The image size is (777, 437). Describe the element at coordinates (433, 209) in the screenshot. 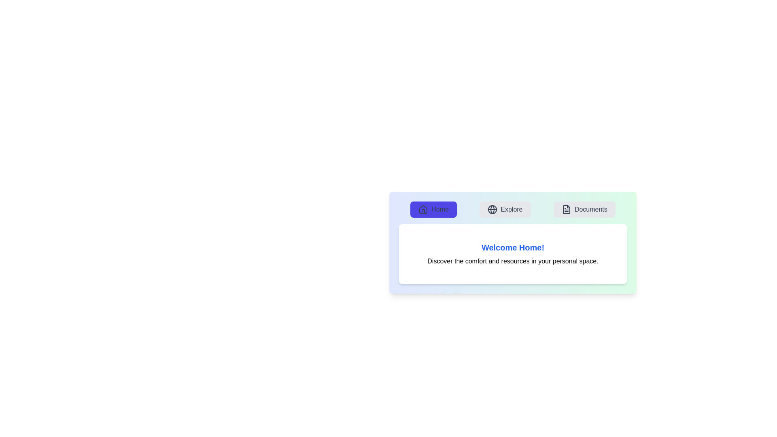

I see `the tab button labeled 'Home' to observe the visual feedback` at that location.